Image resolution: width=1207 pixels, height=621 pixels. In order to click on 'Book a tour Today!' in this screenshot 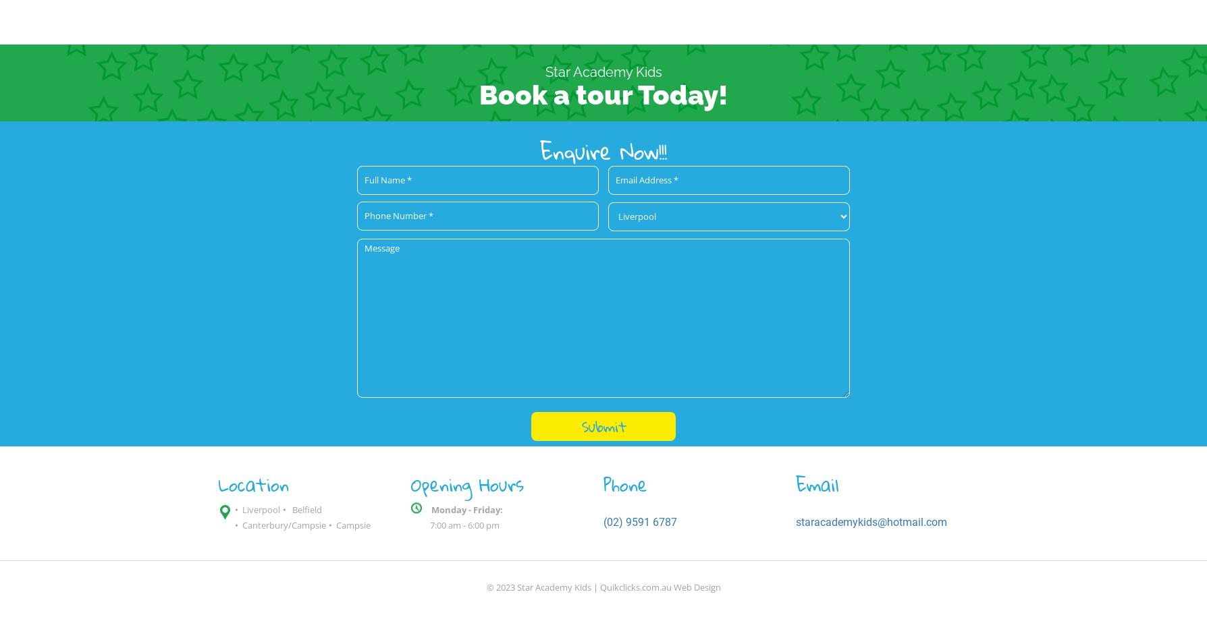, I will do `click(479, 94)`.